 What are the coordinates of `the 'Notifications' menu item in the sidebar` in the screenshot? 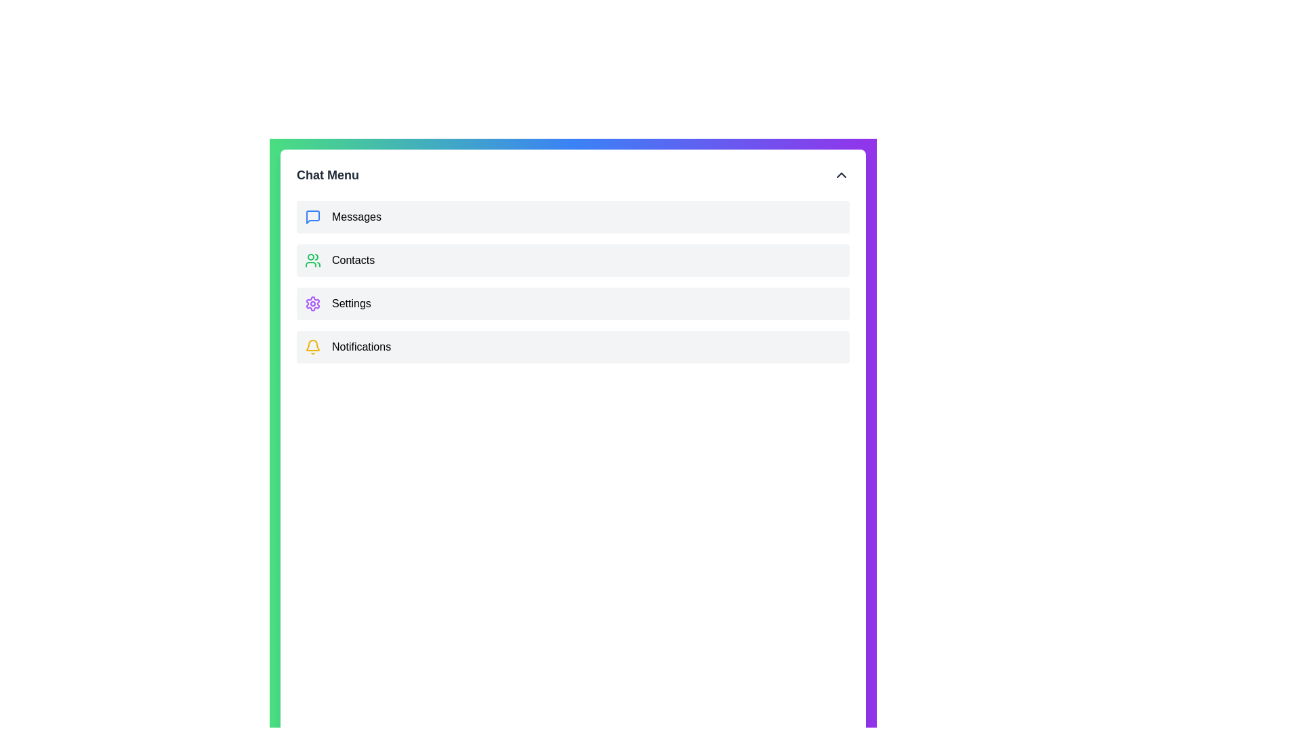 It's located at (360, 347).